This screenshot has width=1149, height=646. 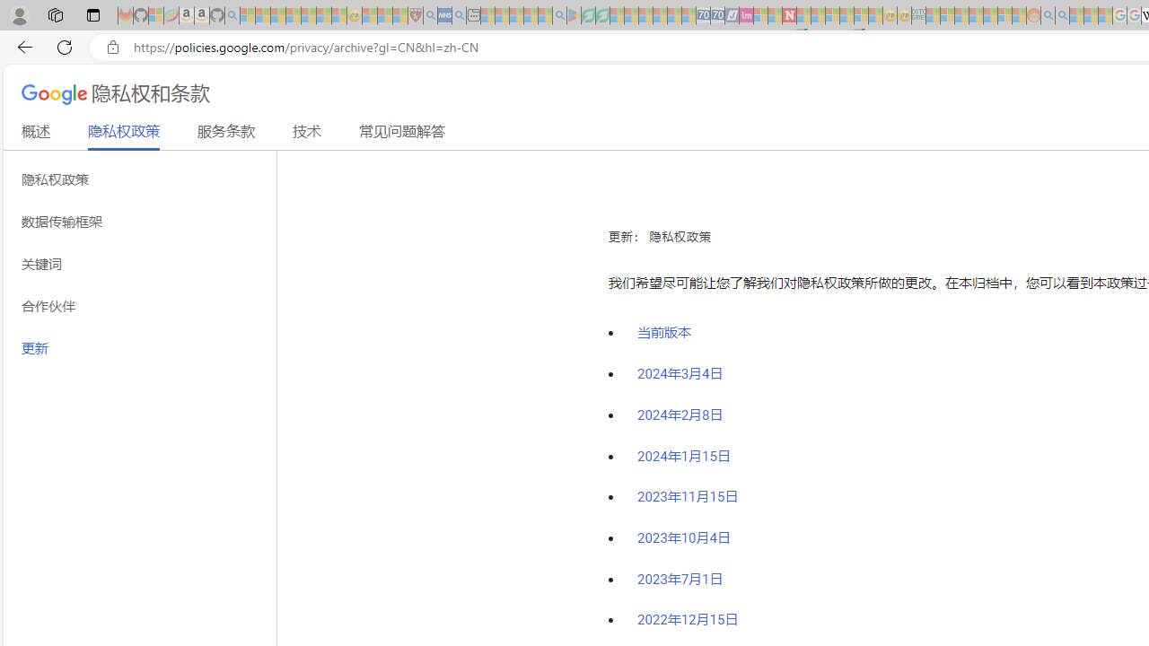 What do you see at coordinates (573, 15) in the screenshot?
I see `'Bluey: Let'` at bounding box center [573, 15].